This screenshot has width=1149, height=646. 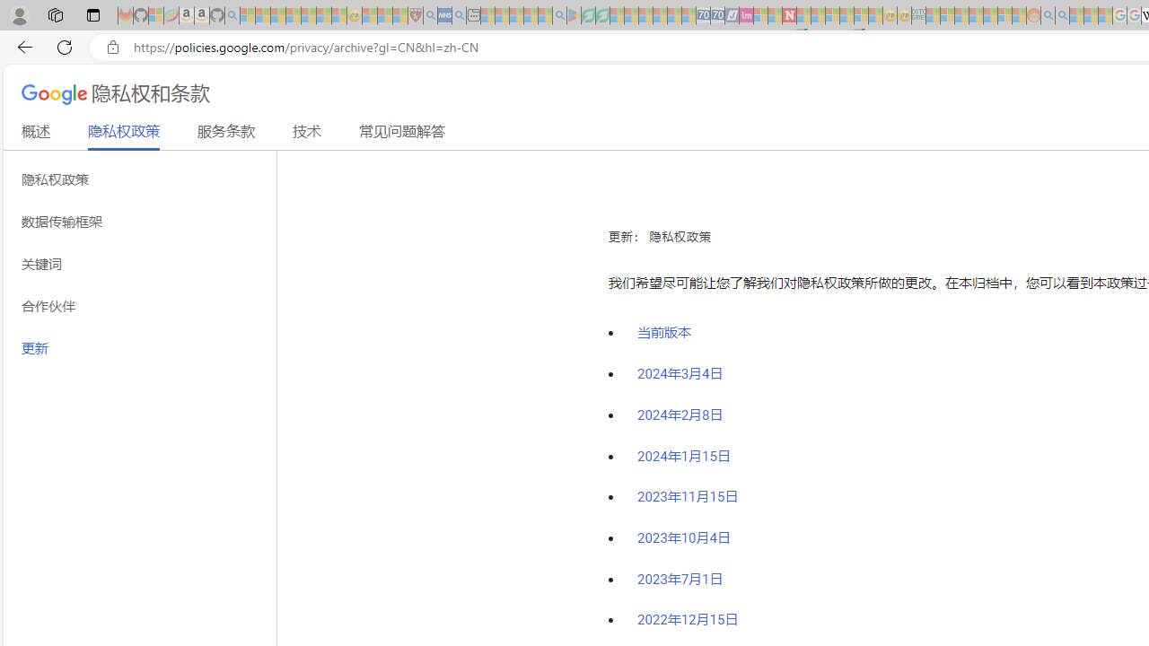 What do you see at coordinates (573, 15) in the screenshot?
I see `'Bluey: Let'` at bounding box center [573, 15].